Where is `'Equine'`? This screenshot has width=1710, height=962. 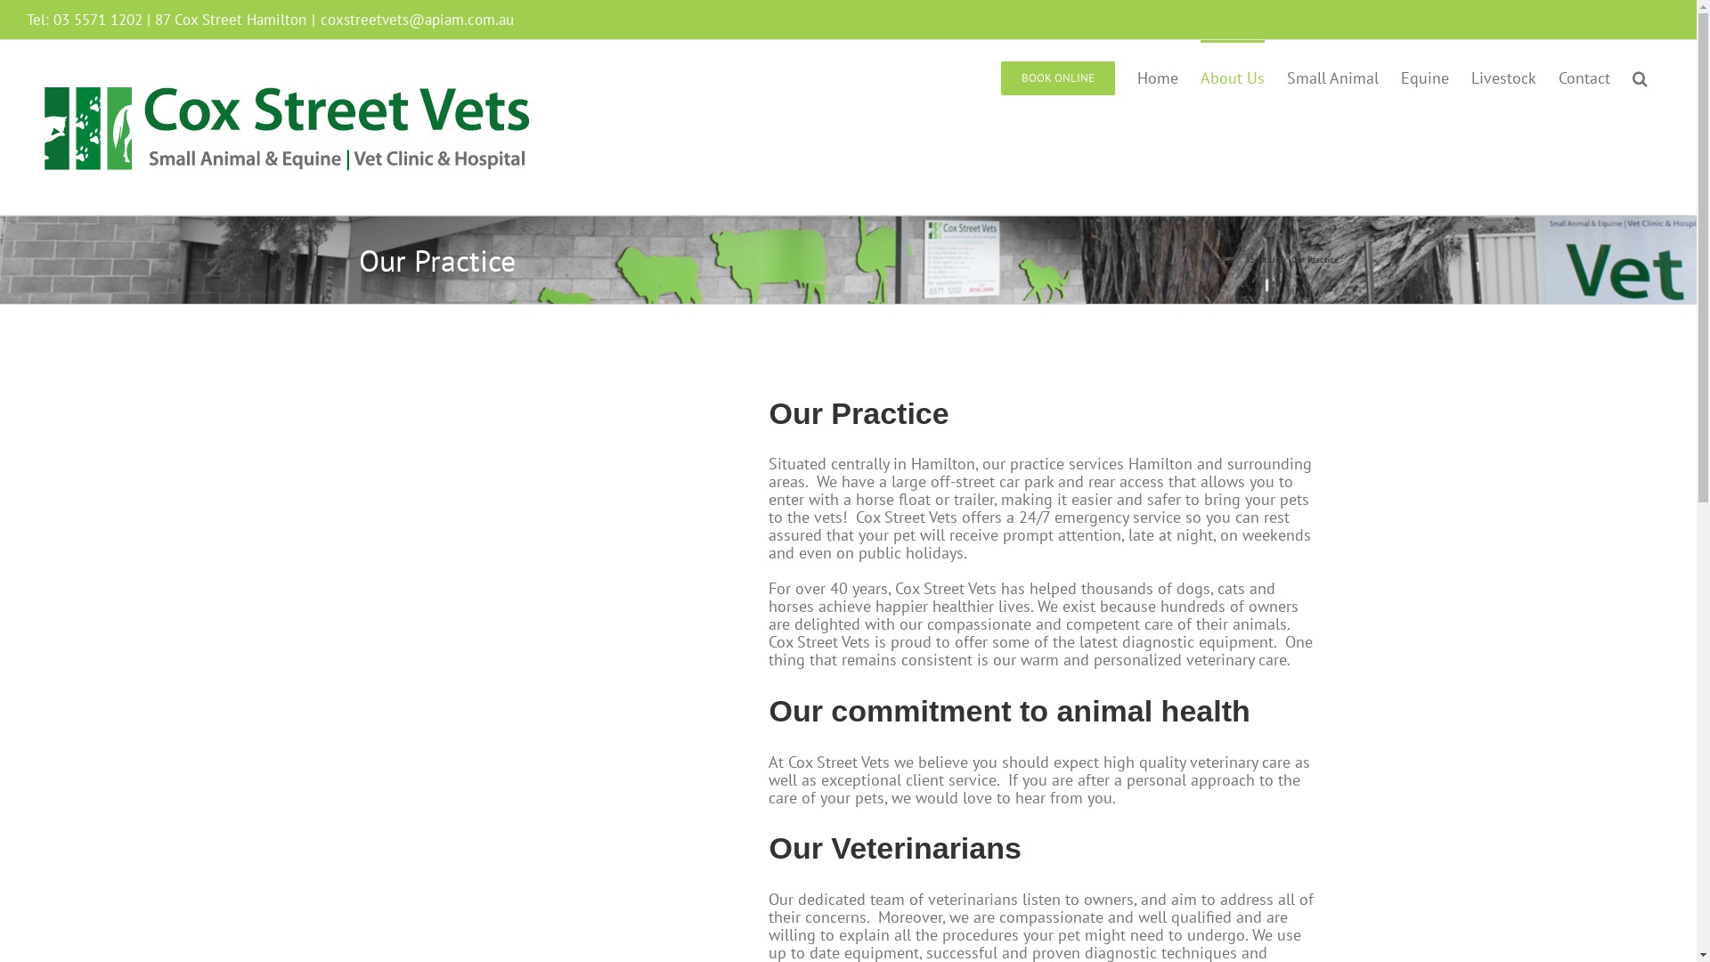 'Equine' is located at coordinates (1400, 76).